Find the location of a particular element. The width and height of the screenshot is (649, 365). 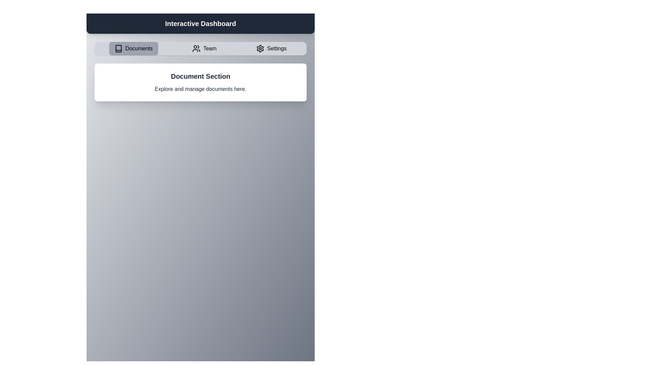

the gear-like icon located at the rightmost side of the header bar is located at coordinates (260, 48).